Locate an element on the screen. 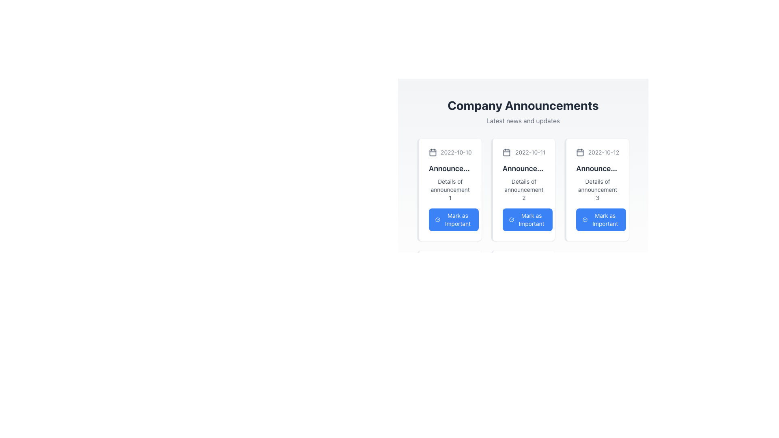 The image size is (779, 438). the announcement card in the third column, which displays the date, title, and details along with a 'Mark as Important' button is located at coordinates (597, 189).